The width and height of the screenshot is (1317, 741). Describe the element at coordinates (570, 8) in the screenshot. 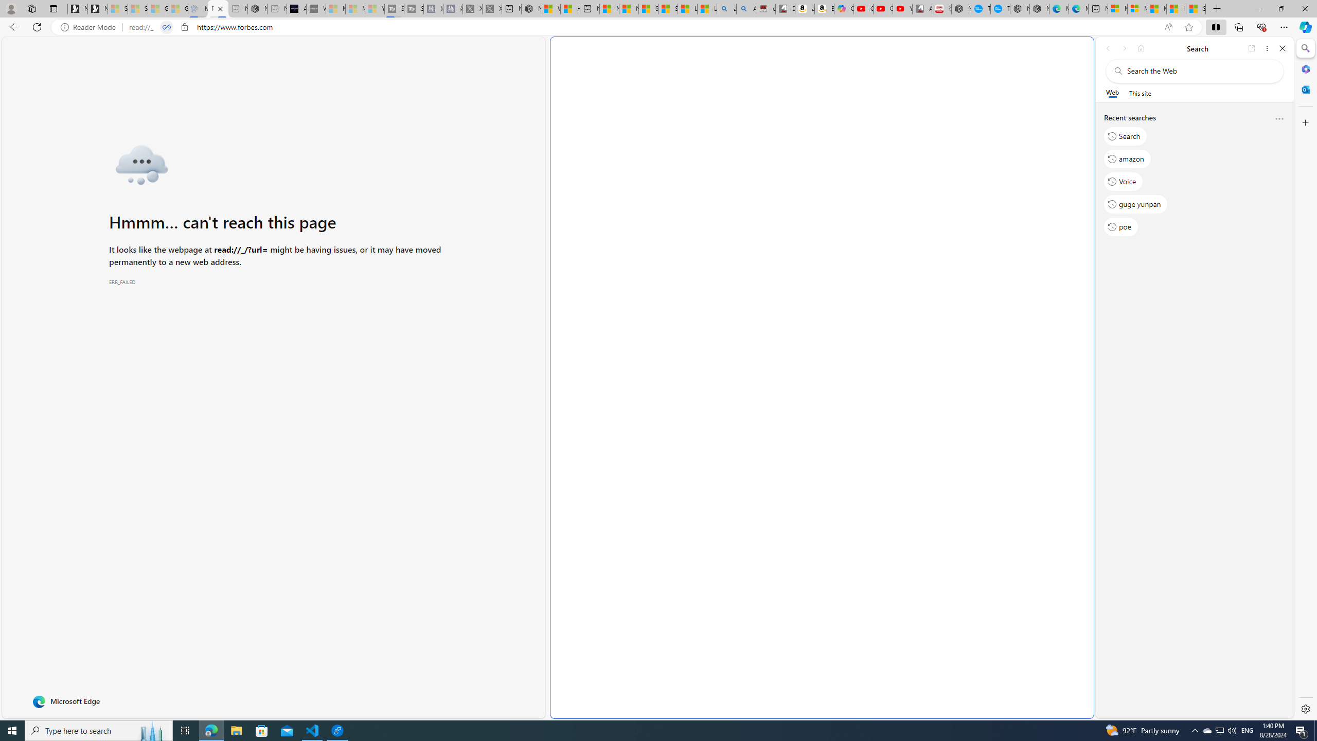

I see `'Huge shark washes ashore at New York City beach | Watch'` at that location.